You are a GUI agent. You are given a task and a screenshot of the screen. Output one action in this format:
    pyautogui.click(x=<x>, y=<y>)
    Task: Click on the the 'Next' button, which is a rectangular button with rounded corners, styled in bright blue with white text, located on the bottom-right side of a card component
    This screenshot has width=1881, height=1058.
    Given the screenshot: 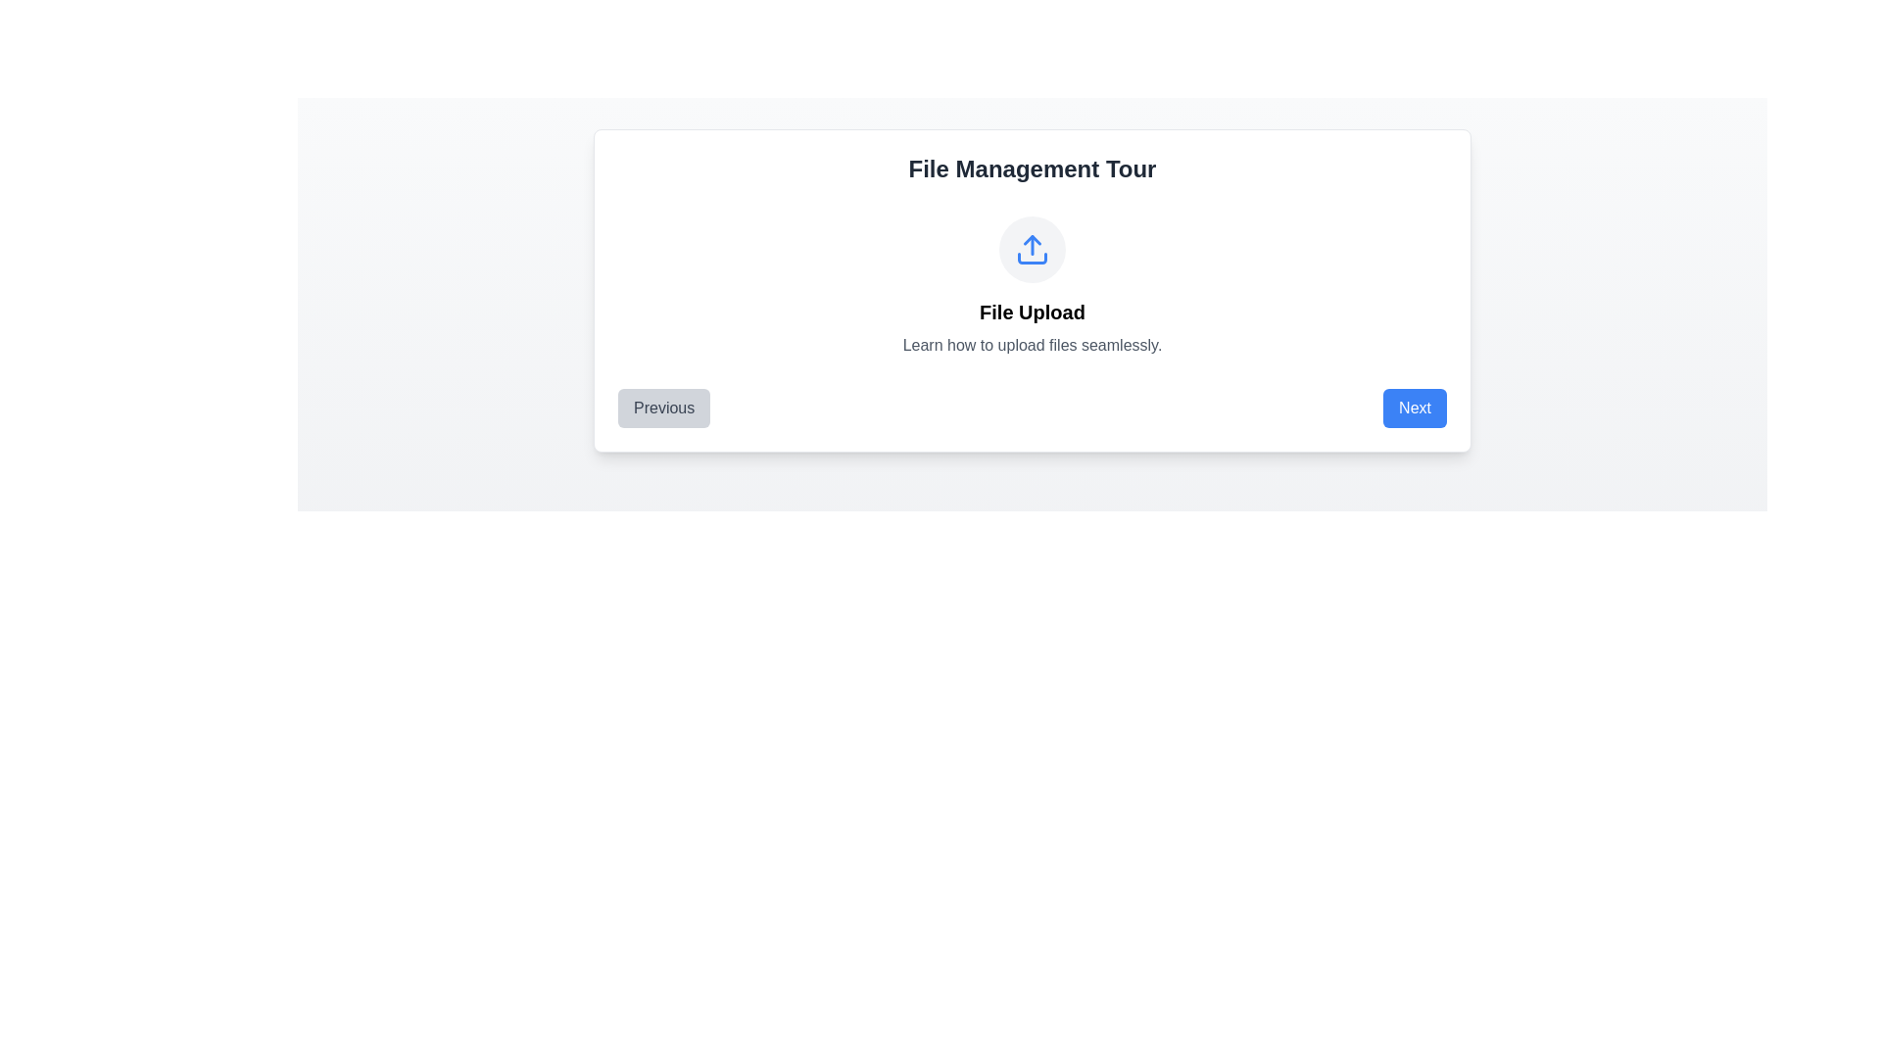 What is the action you would take?
    pyautogui.click(x=1415, y=407)
    